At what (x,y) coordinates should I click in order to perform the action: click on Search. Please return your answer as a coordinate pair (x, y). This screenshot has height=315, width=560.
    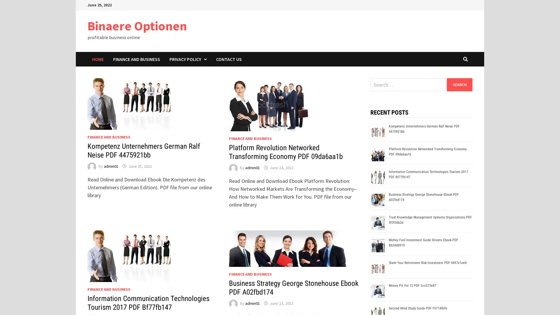
    Looking at the image, I should click on (459, 84).